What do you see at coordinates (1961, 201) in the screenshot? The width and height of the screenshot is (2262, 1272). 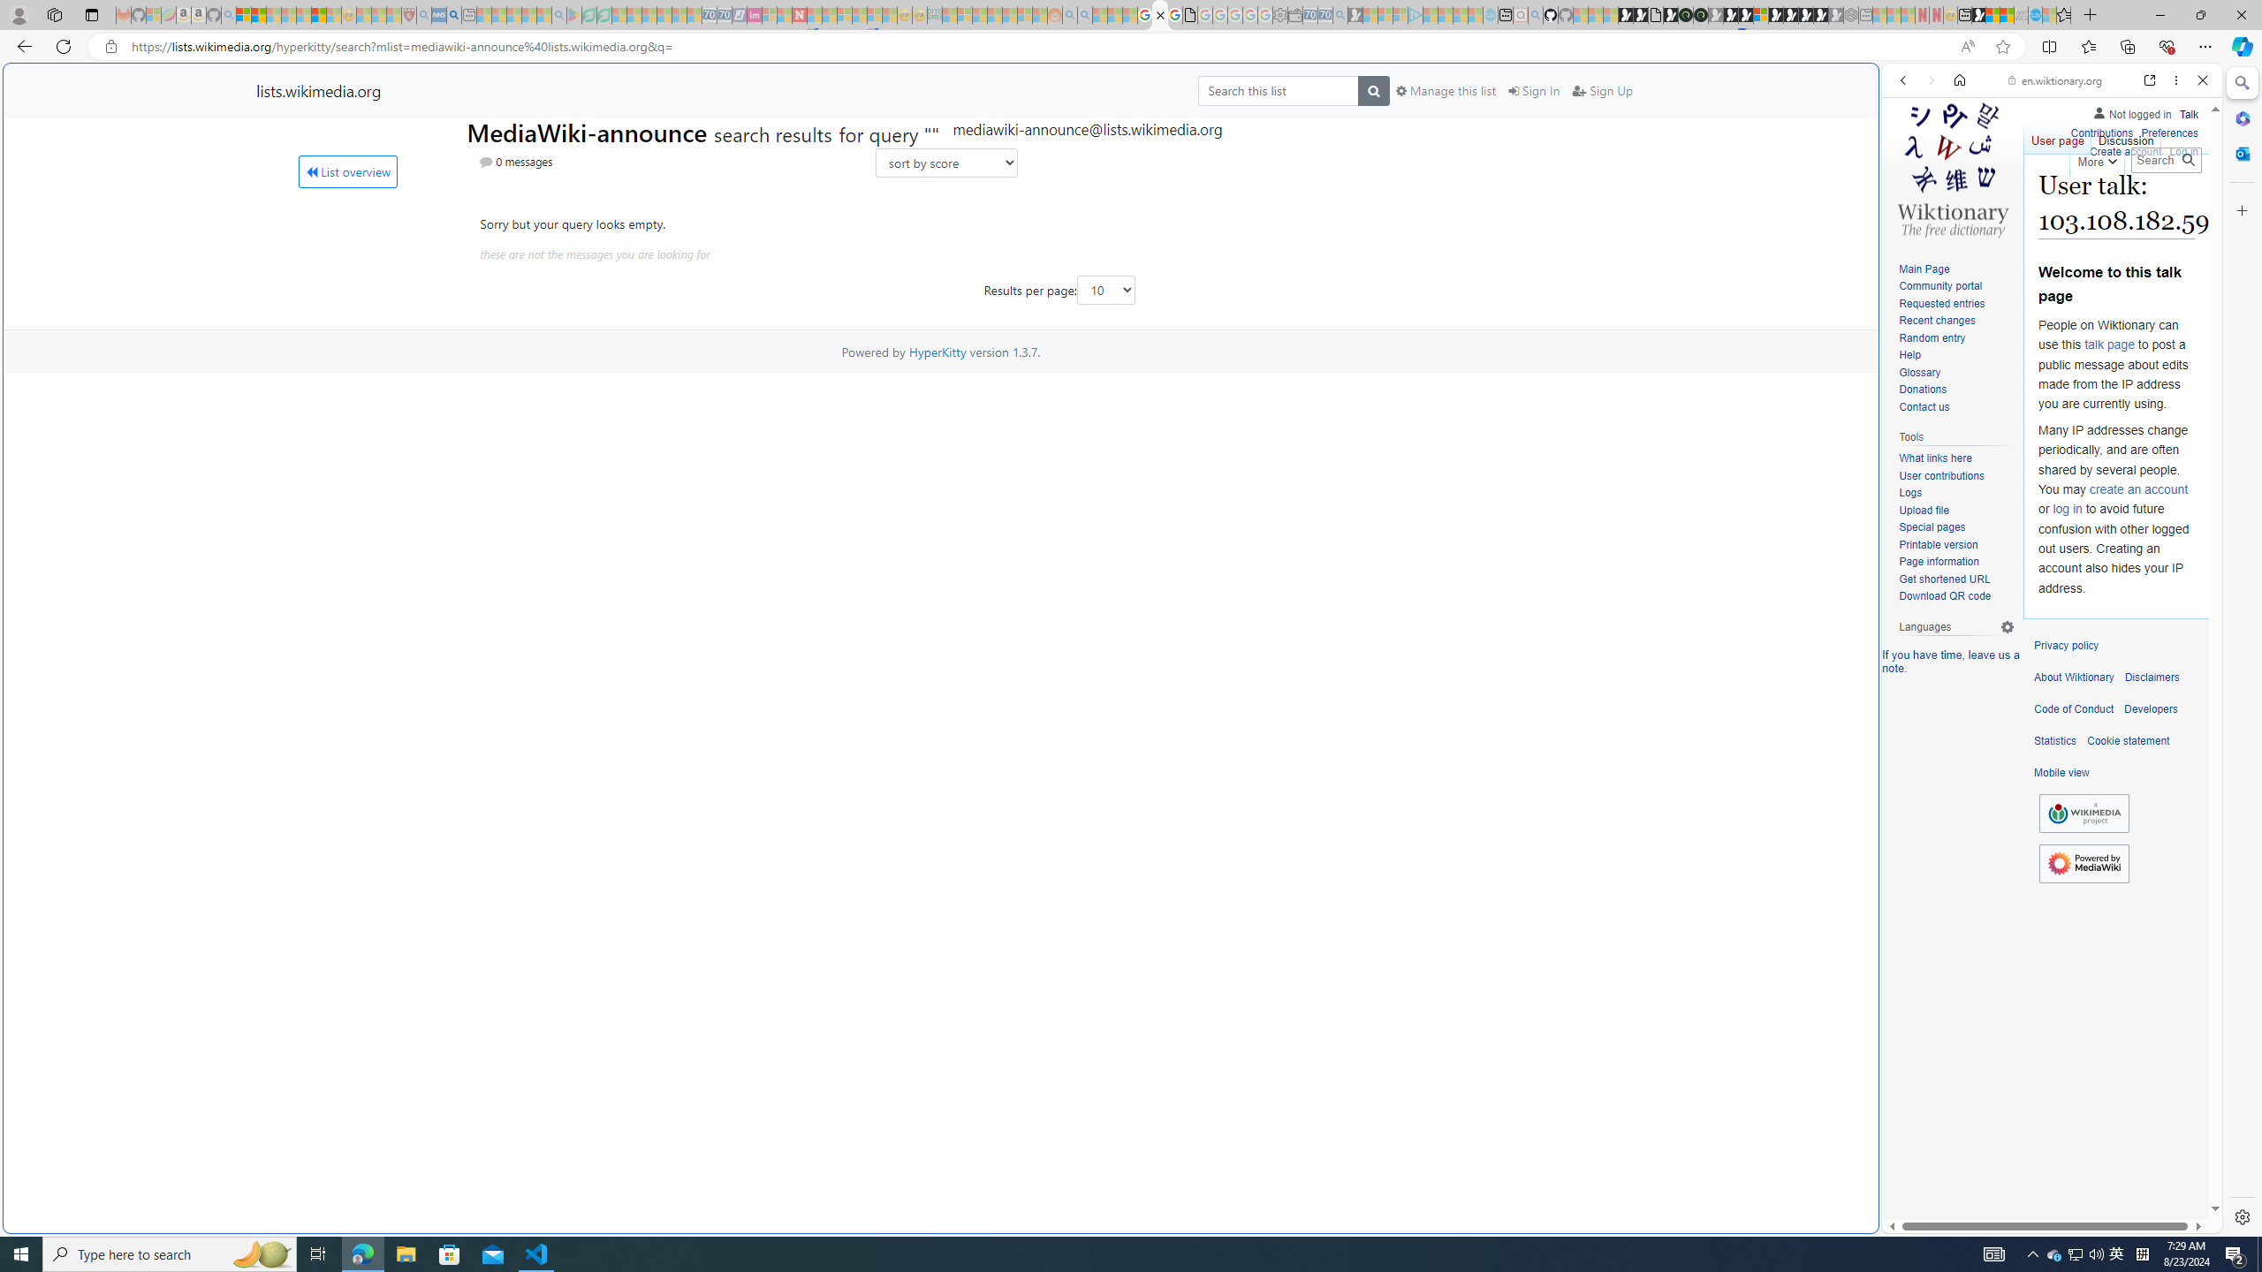 I see `'Search Filter, IMAGES'` at bounding box center [1961, 201].